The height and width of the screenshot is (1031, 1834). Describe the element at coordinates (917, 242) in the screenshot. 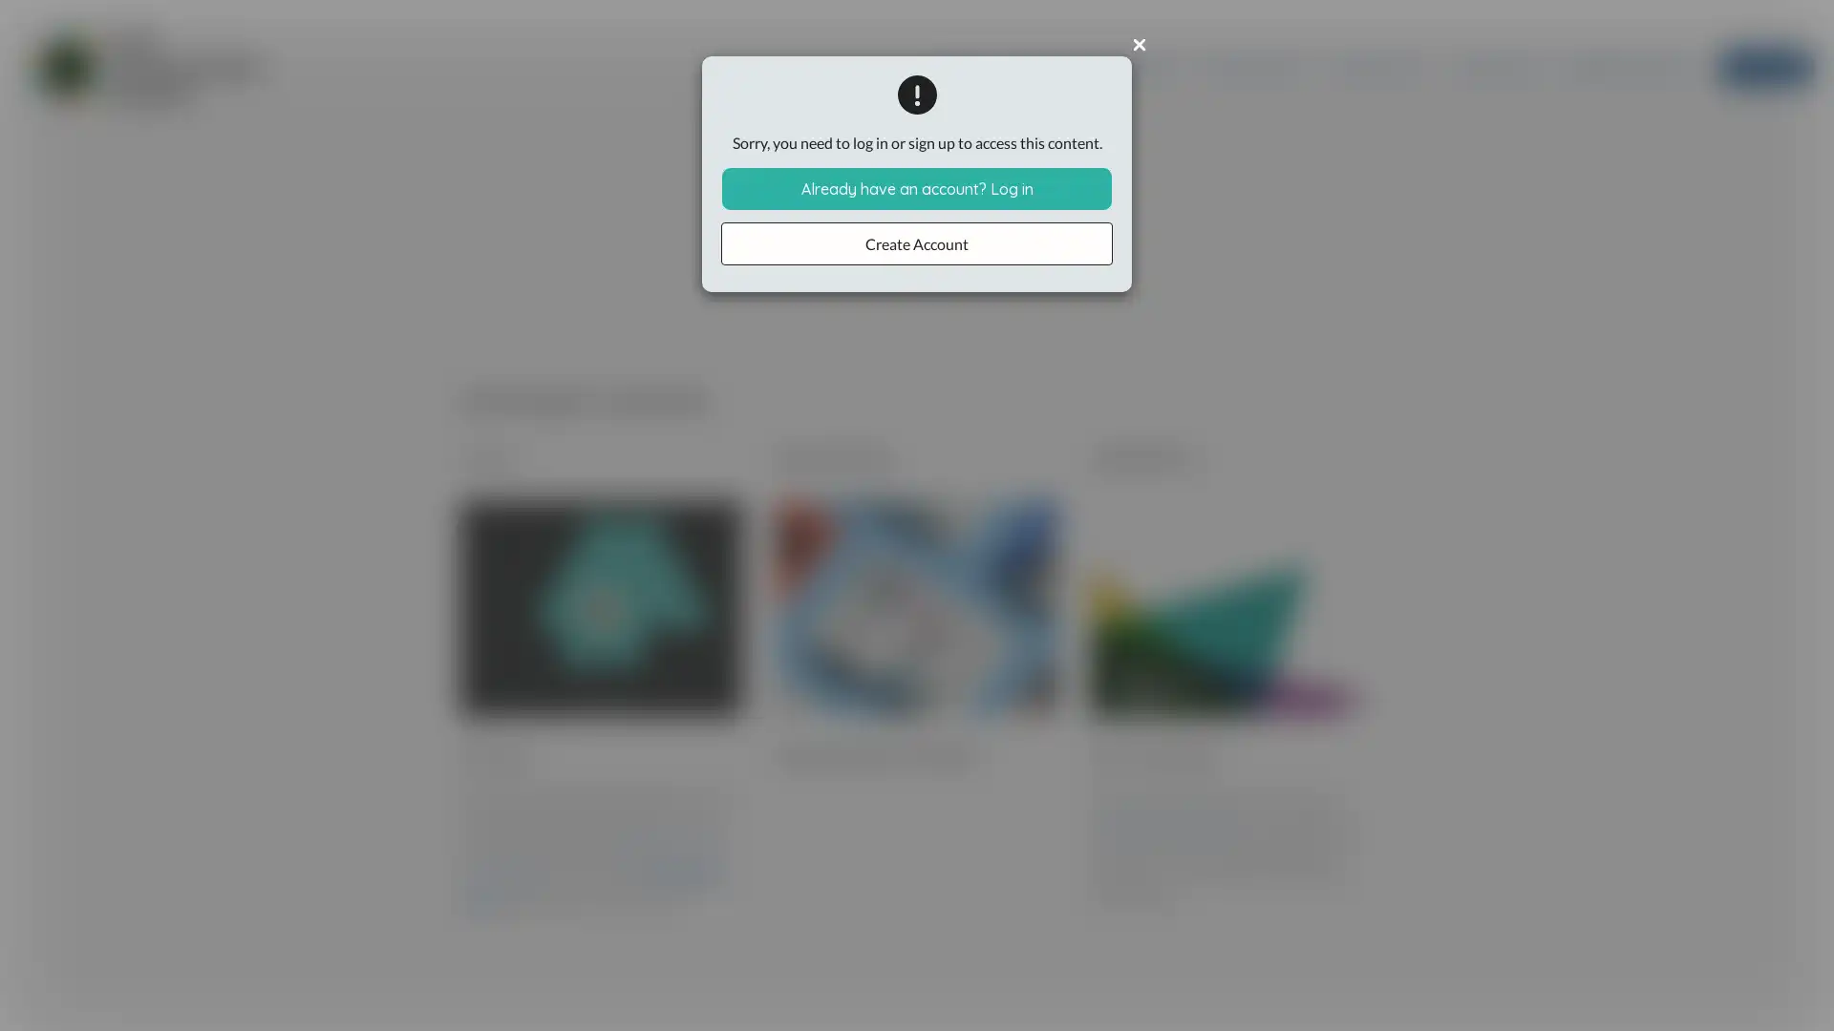

I see `Create Account` at that location.